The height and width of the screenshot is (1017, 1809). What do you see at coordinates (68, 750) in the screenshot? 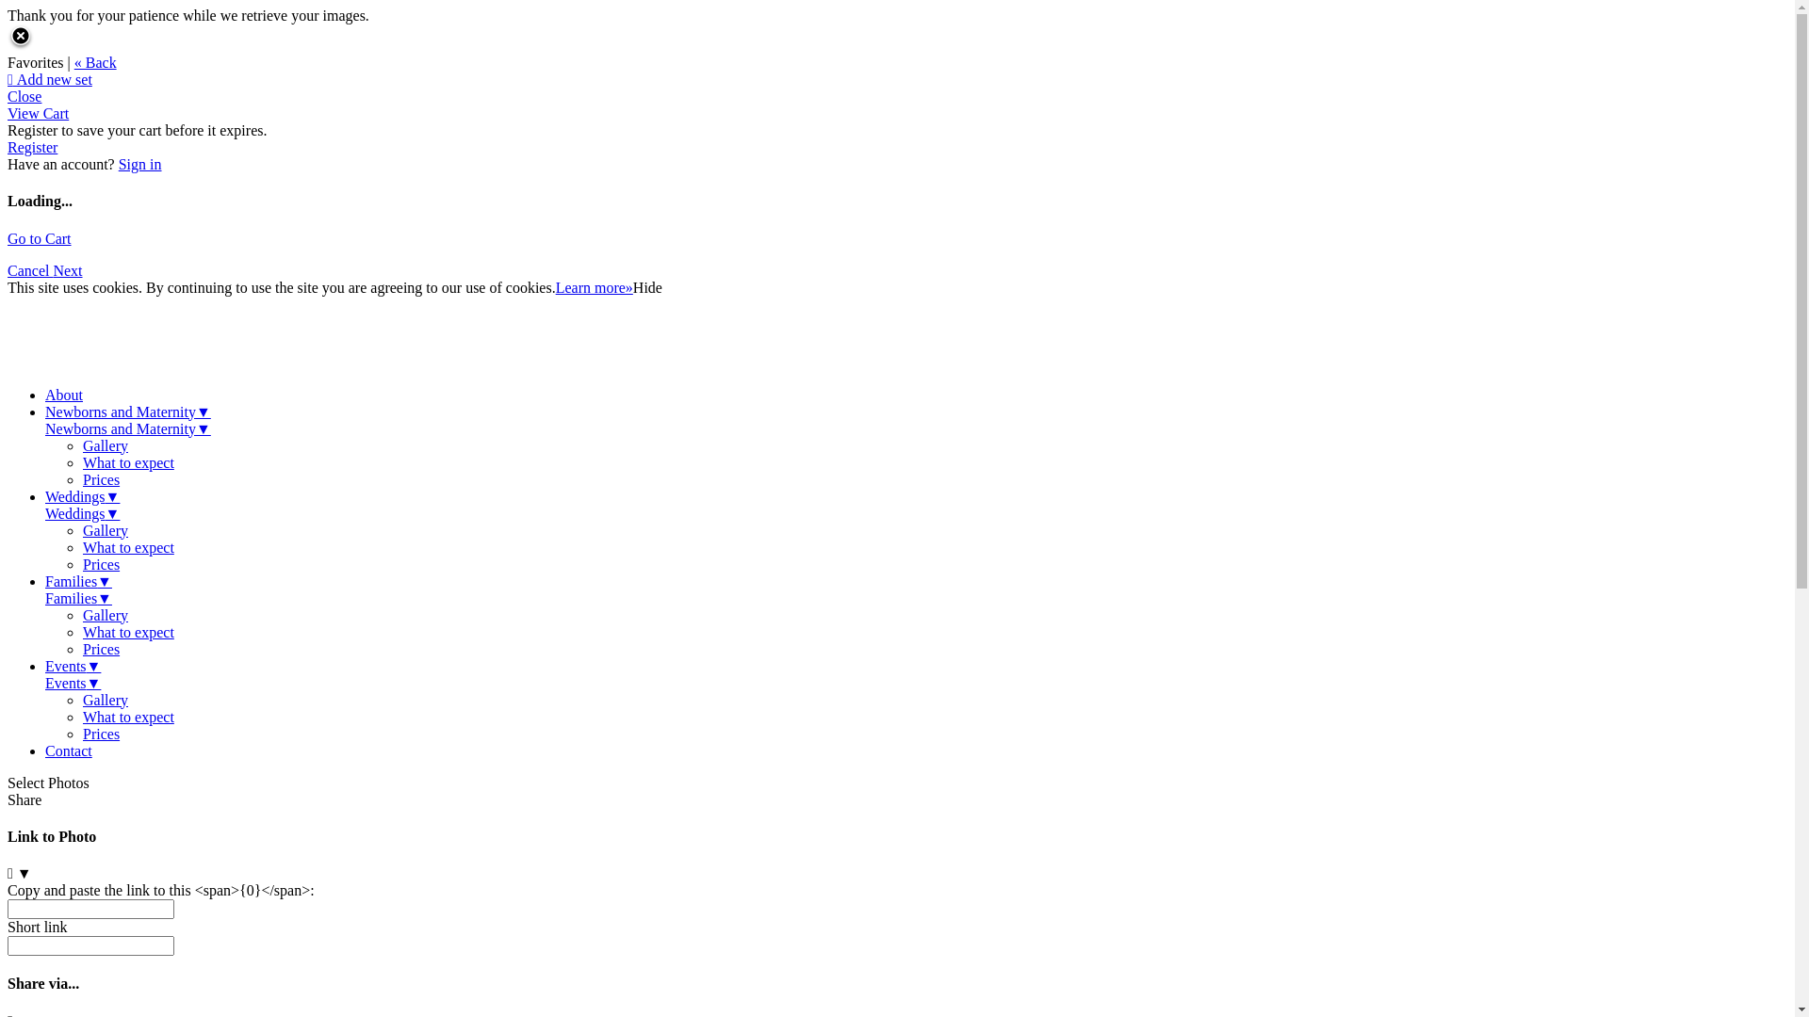
I see `'Contact'` at bounding box center [68, 750].